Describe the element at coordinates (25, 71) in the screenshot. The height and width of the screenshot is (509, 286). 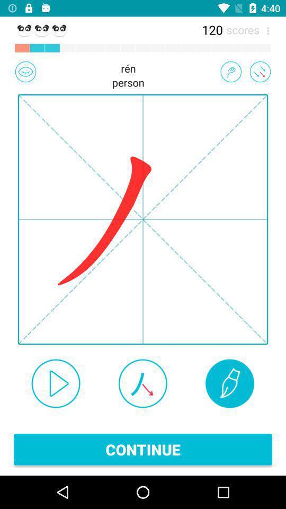
I see `the image which is left to the text ren person` at that location.